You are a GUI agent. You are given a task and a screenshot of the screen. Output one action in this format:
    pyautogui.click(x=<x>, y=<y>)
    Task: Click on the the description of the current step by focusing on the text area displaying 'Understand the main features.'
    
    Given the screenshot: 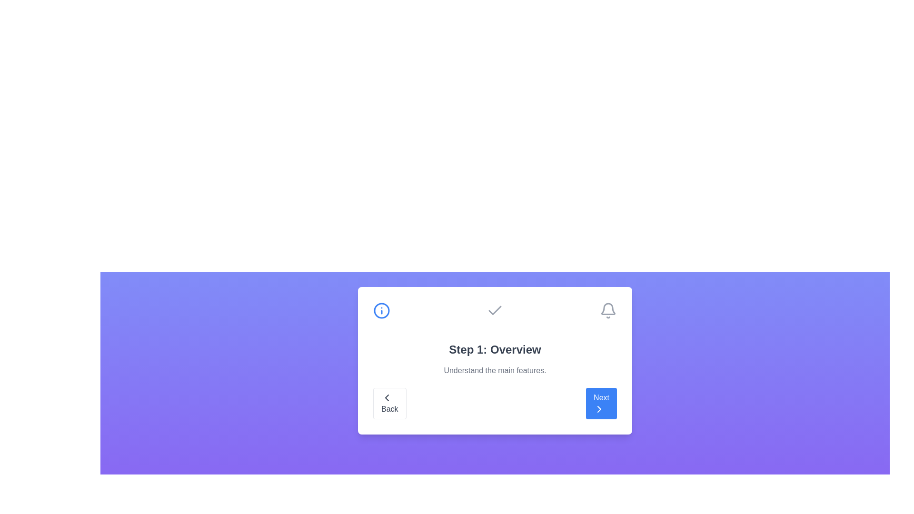 What is the action you would take?
    pyautogui.click(x=495, y=370)
    